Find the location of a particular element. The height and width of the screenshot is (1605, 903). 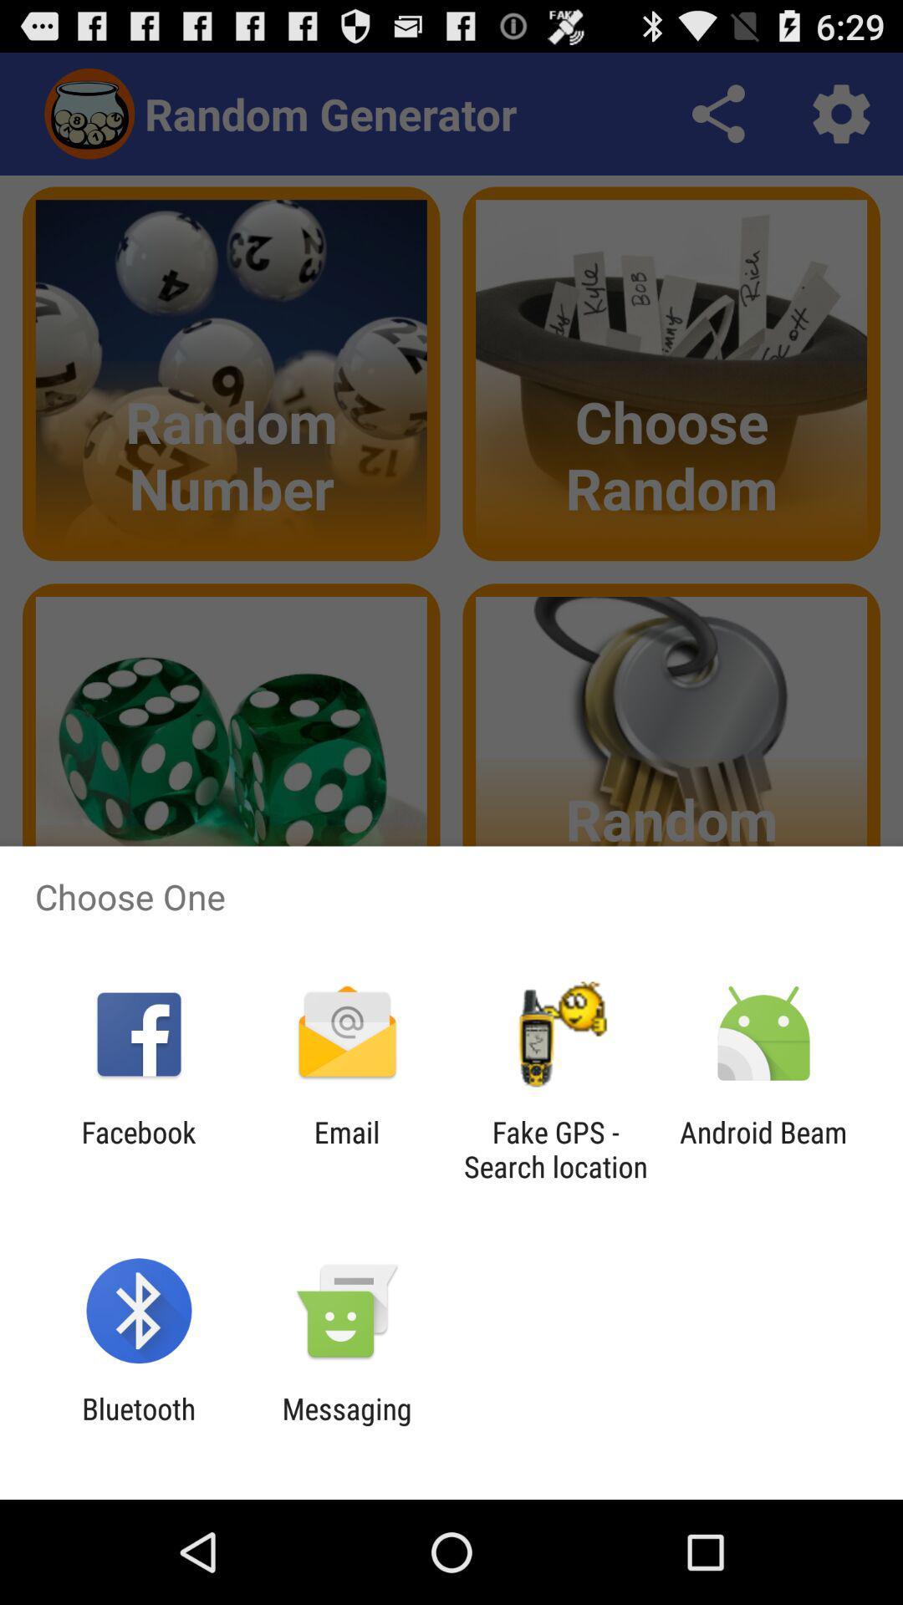

the messaging app is located at coordinates (346, 1425).